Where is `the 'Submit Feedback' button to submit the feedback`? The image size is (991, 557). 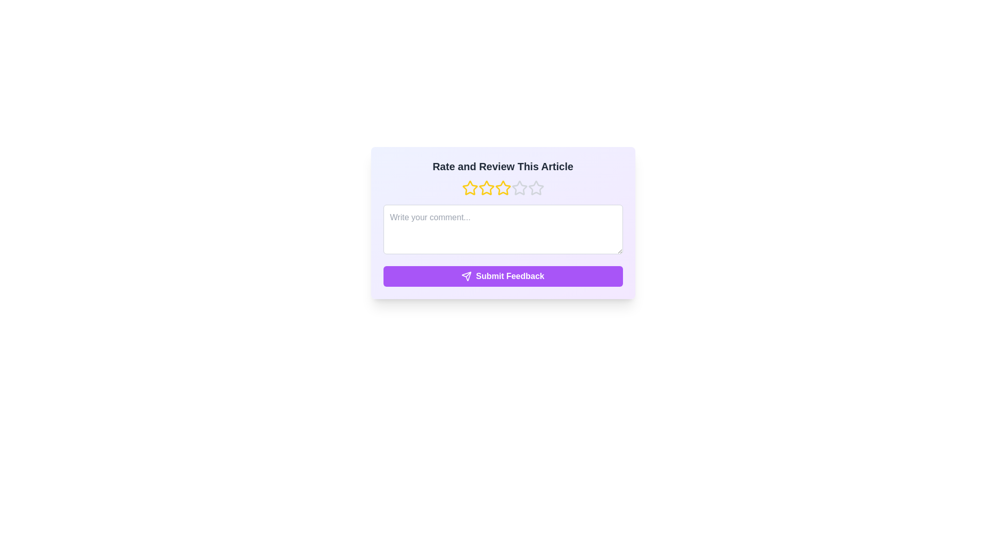 the 'Submit Feedback' button to submit the feedback is located at coordinates (503, 276).